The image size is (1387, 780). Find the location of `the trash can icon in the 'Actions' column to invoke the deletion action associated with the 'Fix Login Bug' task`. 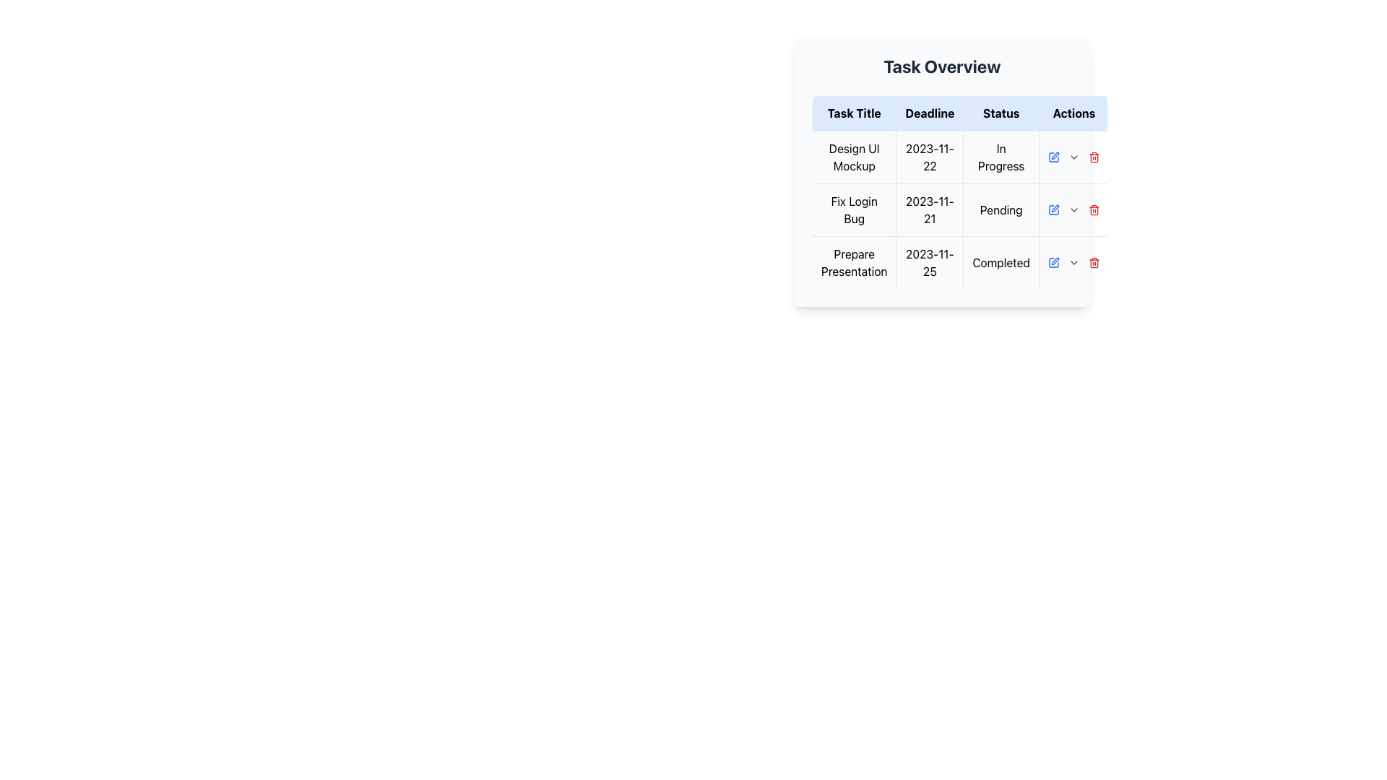

the trash can icon in the 'Actions' column to invoke the deletion action associated with the 'Fix Login Bug' task is located at coordinates (1094, 211).